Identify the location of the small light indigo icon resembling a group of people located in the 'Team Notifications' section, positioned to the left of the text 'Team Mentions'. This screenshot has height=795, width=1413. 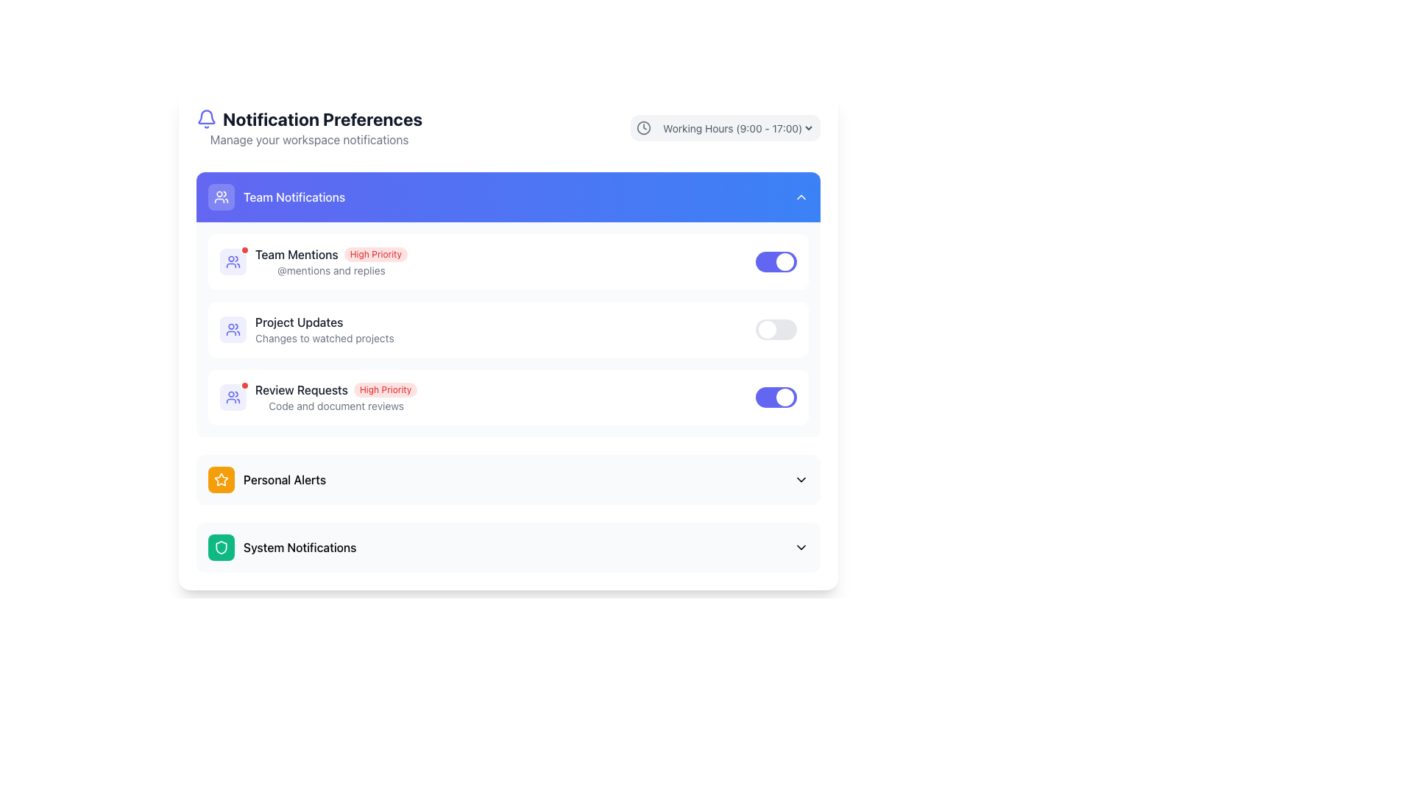
(232, 397).